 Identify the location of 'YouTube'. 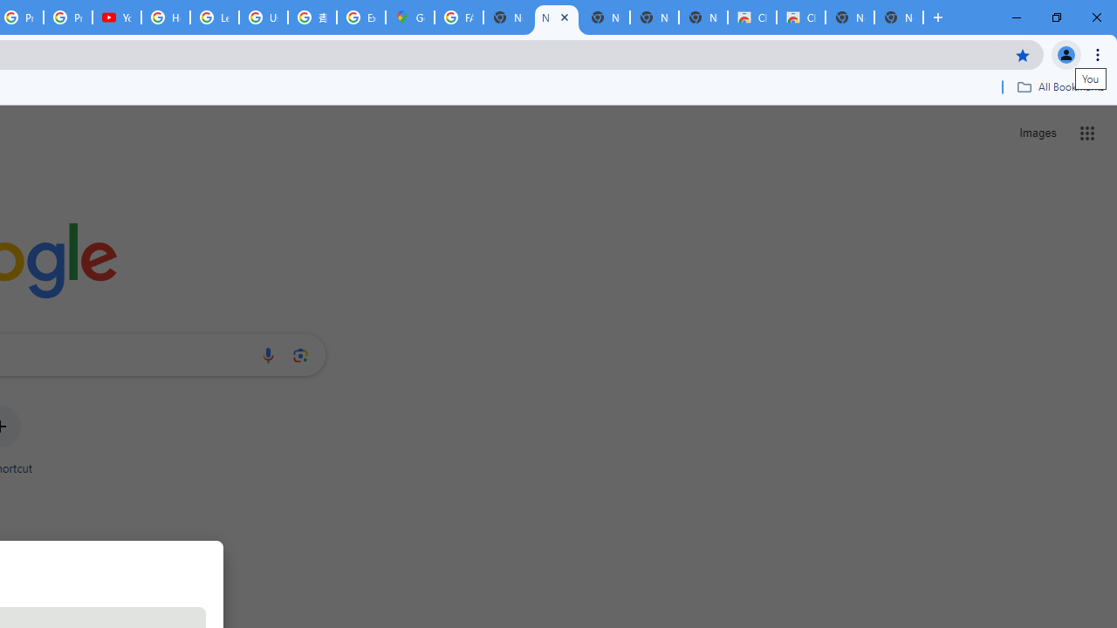
(116, 17).